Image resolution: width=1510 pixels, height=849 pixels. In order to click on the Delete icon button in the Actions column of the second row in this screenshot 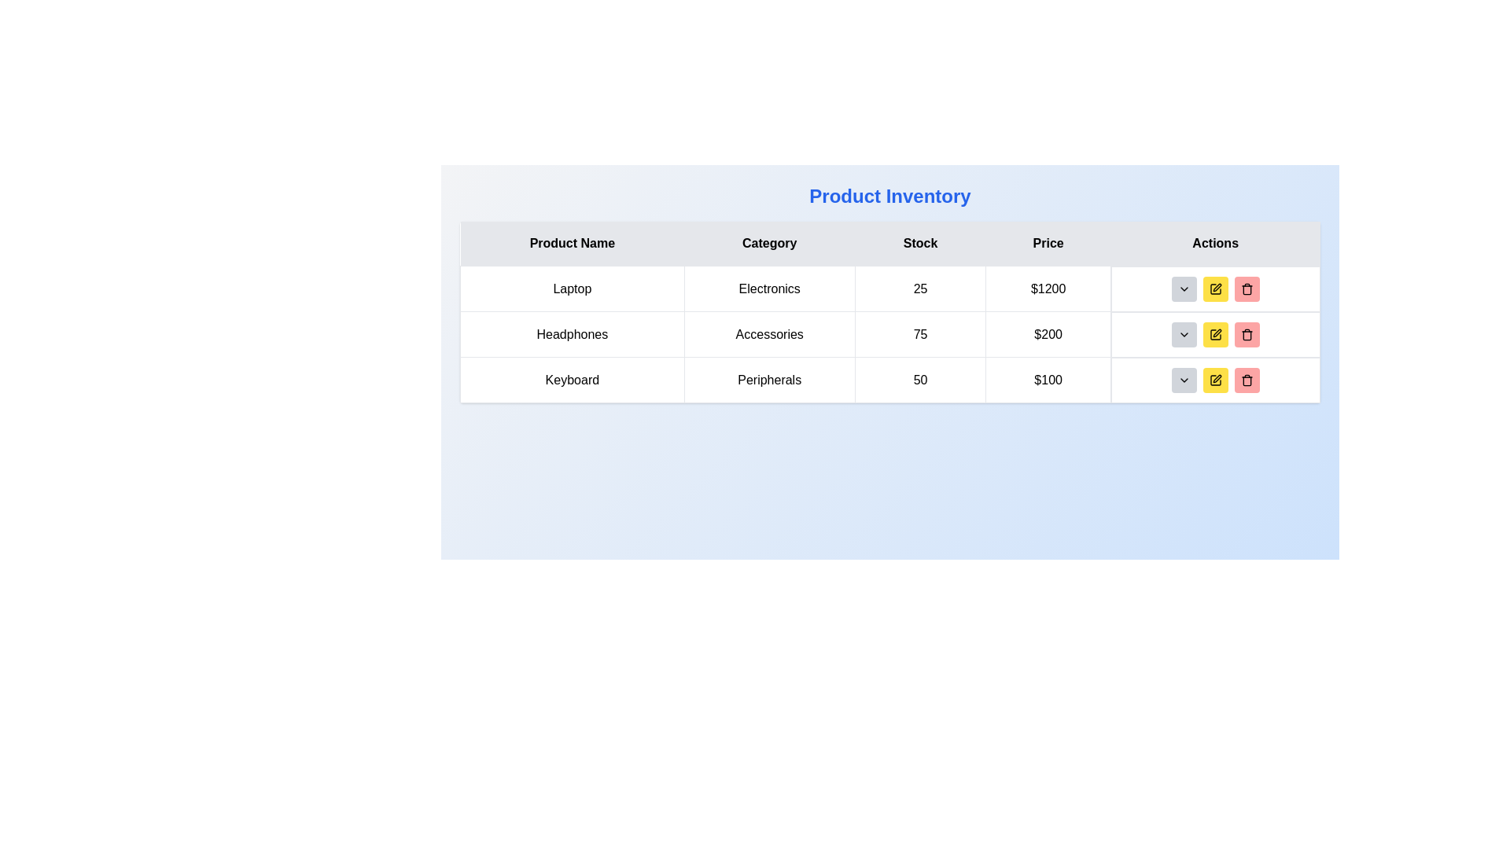, I will do `click(1246, 334)`.